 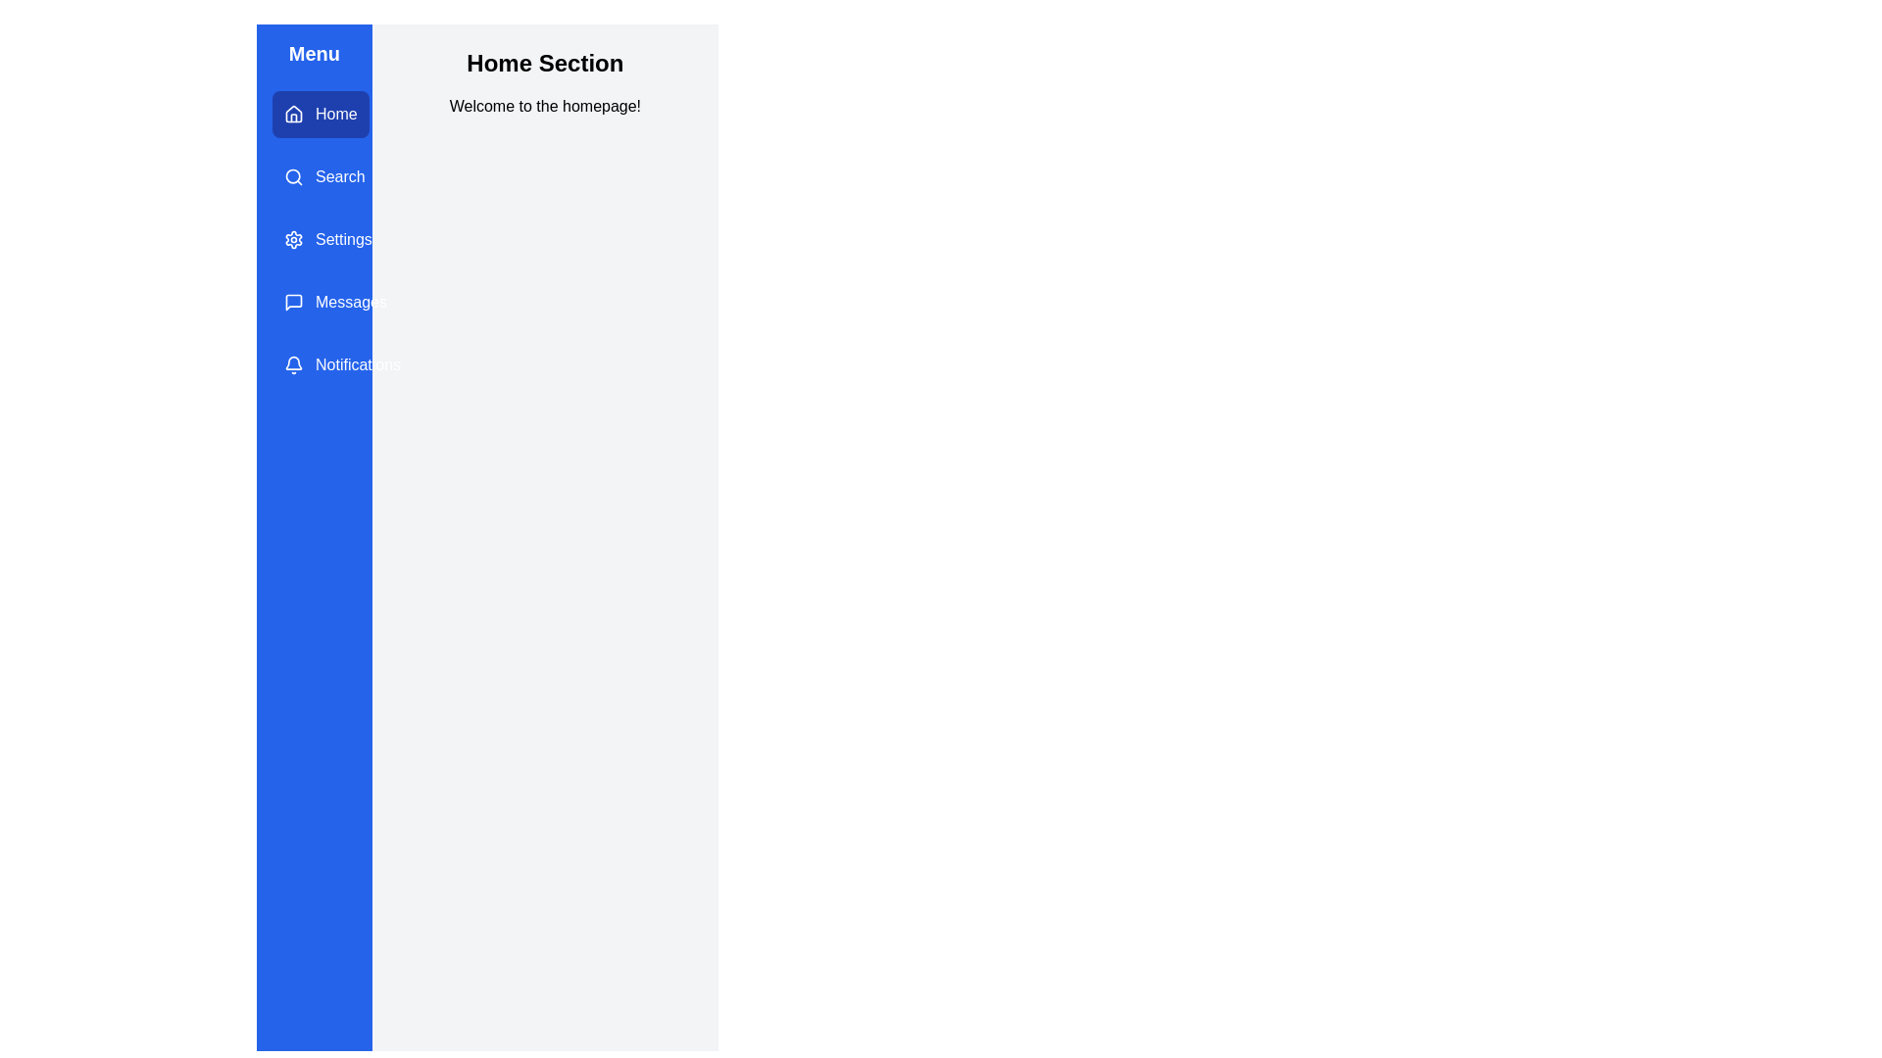 I want to click on the highlighted 'Search' menu item in the blue sidebar navigation, which is the second item in the vertical list of menu options, so click(x=314, y=177).